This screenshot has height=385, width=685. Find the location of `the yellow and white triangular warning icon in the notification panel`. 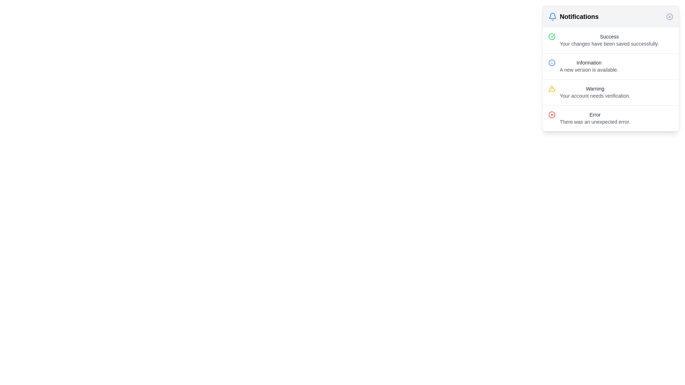

the yellow and white triangular warning icon in the notification panel is located at coordinates (551, 88).